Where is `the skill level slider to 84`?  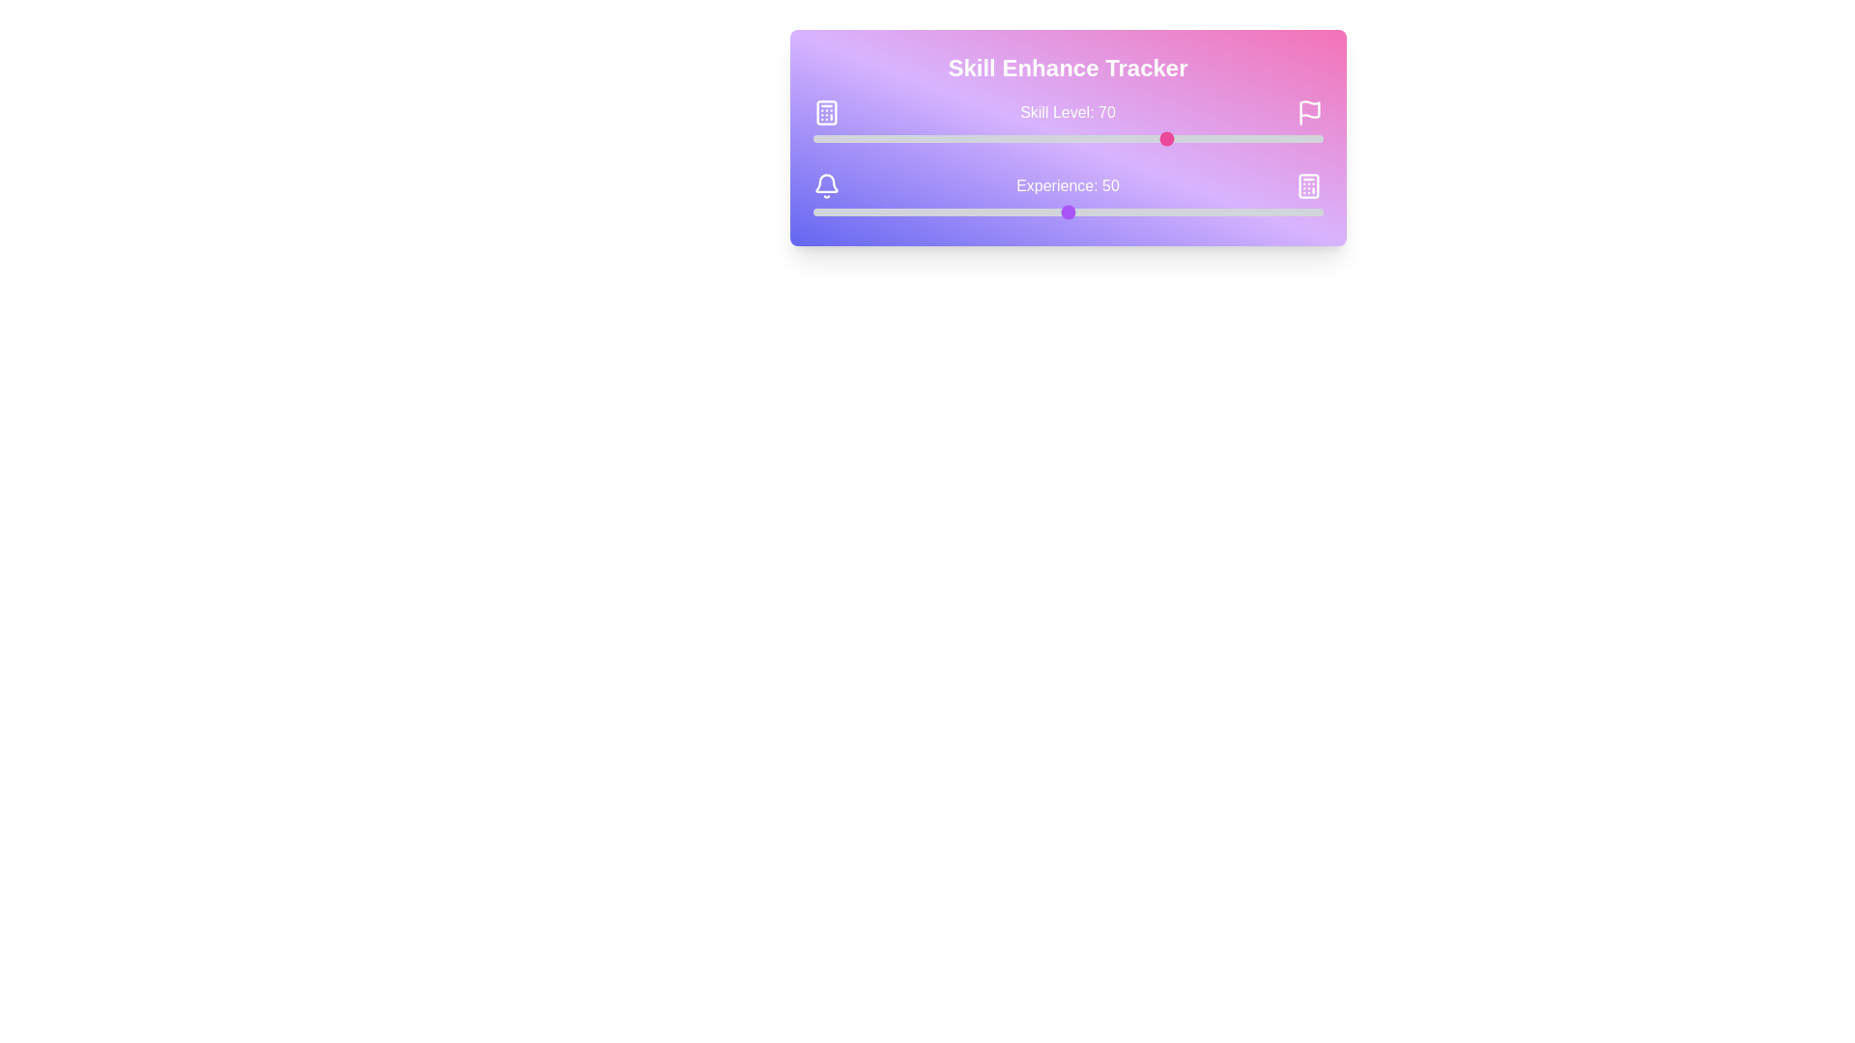
the skill level slider to 84 is located at coordinates (1241, 137).